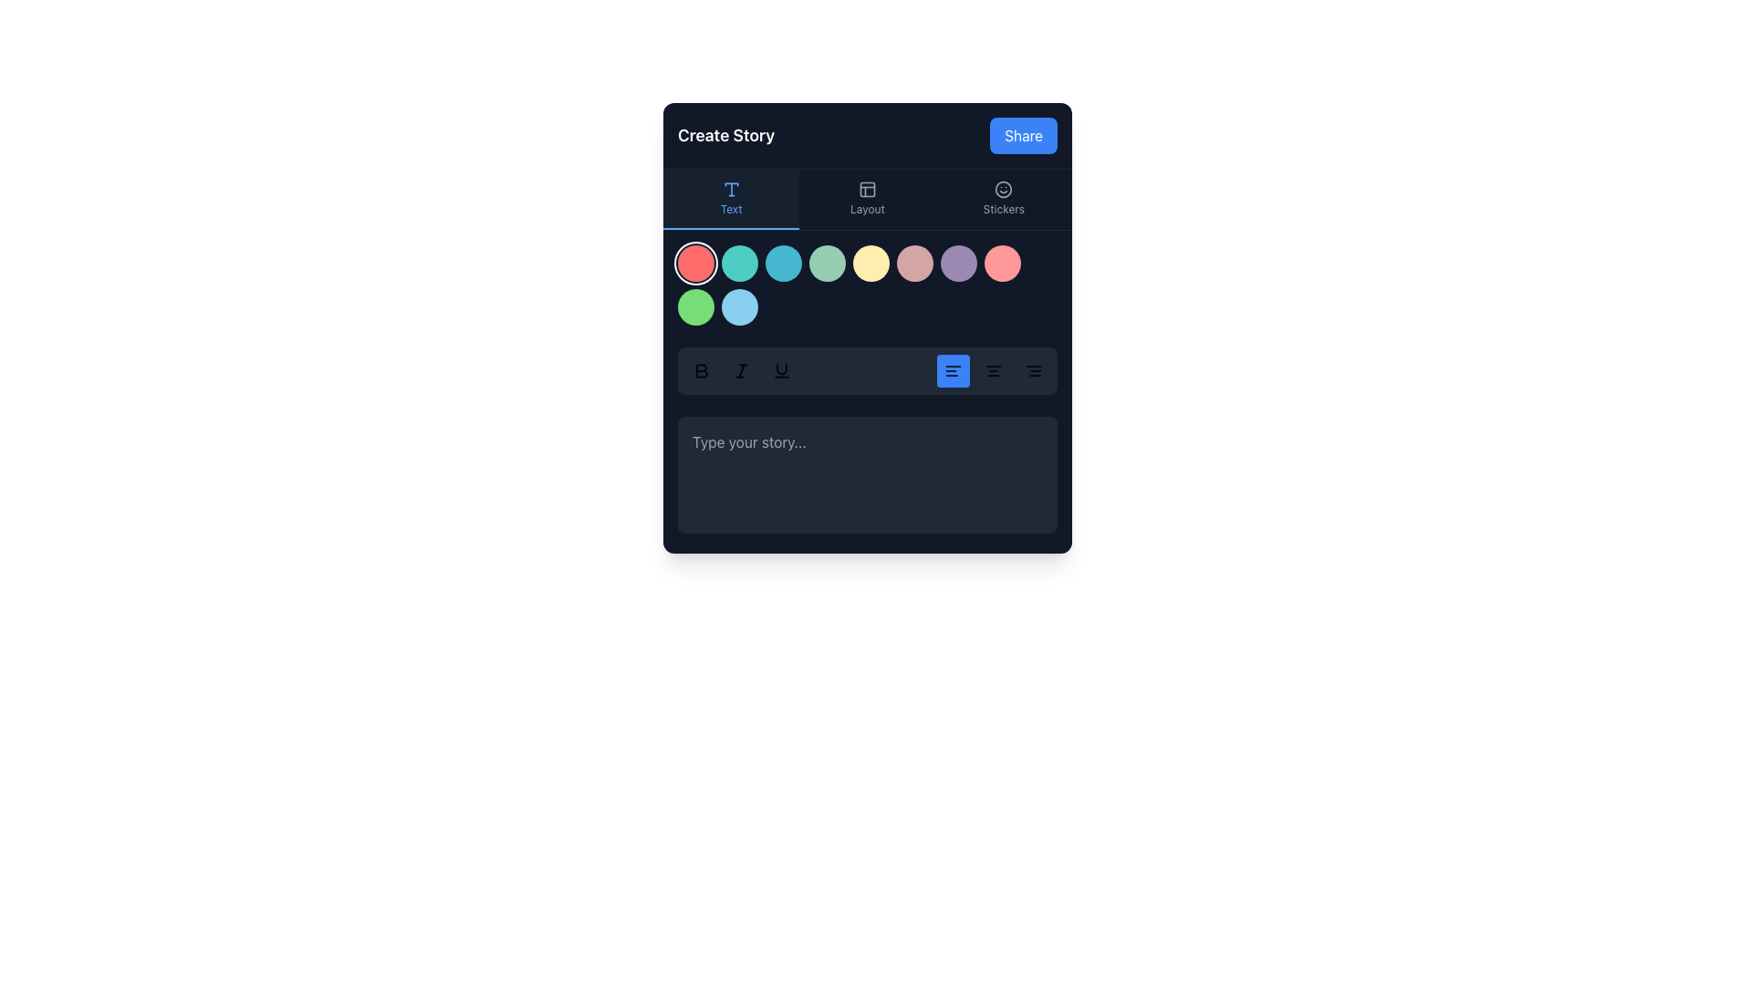 The image size is (1752, 985). Describe the element at coordinates (1033, 370) in the screenshot. I see `the right alignment button in the text editor section of the 'Create Story' interface` at that location.